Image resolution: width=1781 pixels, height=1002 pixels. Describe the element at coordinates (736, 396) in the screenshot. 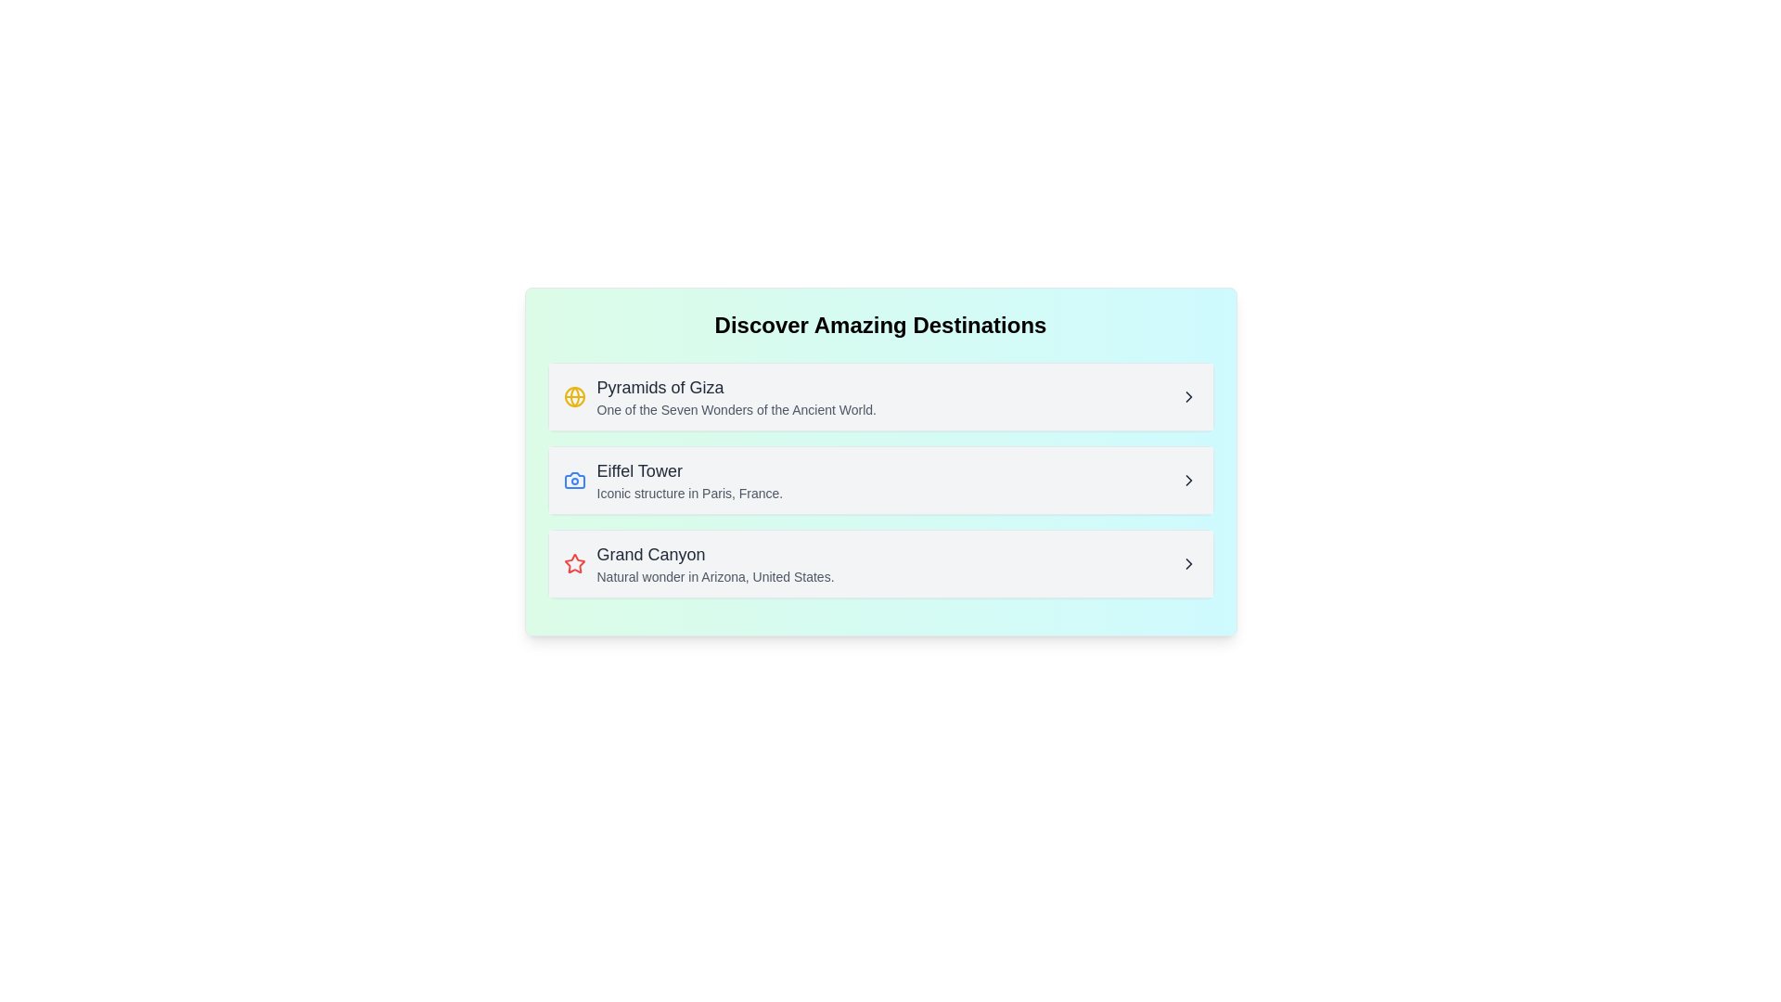

I see `the descriptive text label for the first entry in the list of destinations, which is part of the section titled 'Discover Amazing Destinations'` at that location.